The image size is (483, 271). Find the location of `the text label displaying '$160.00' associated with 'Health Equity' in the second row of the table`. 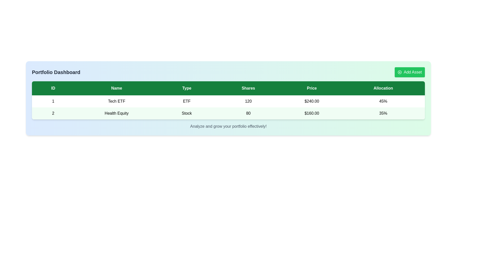

the text label displaying '$160.00' associated with 'Health Equity' in the second row of the table is located at coordinates (311, 113).